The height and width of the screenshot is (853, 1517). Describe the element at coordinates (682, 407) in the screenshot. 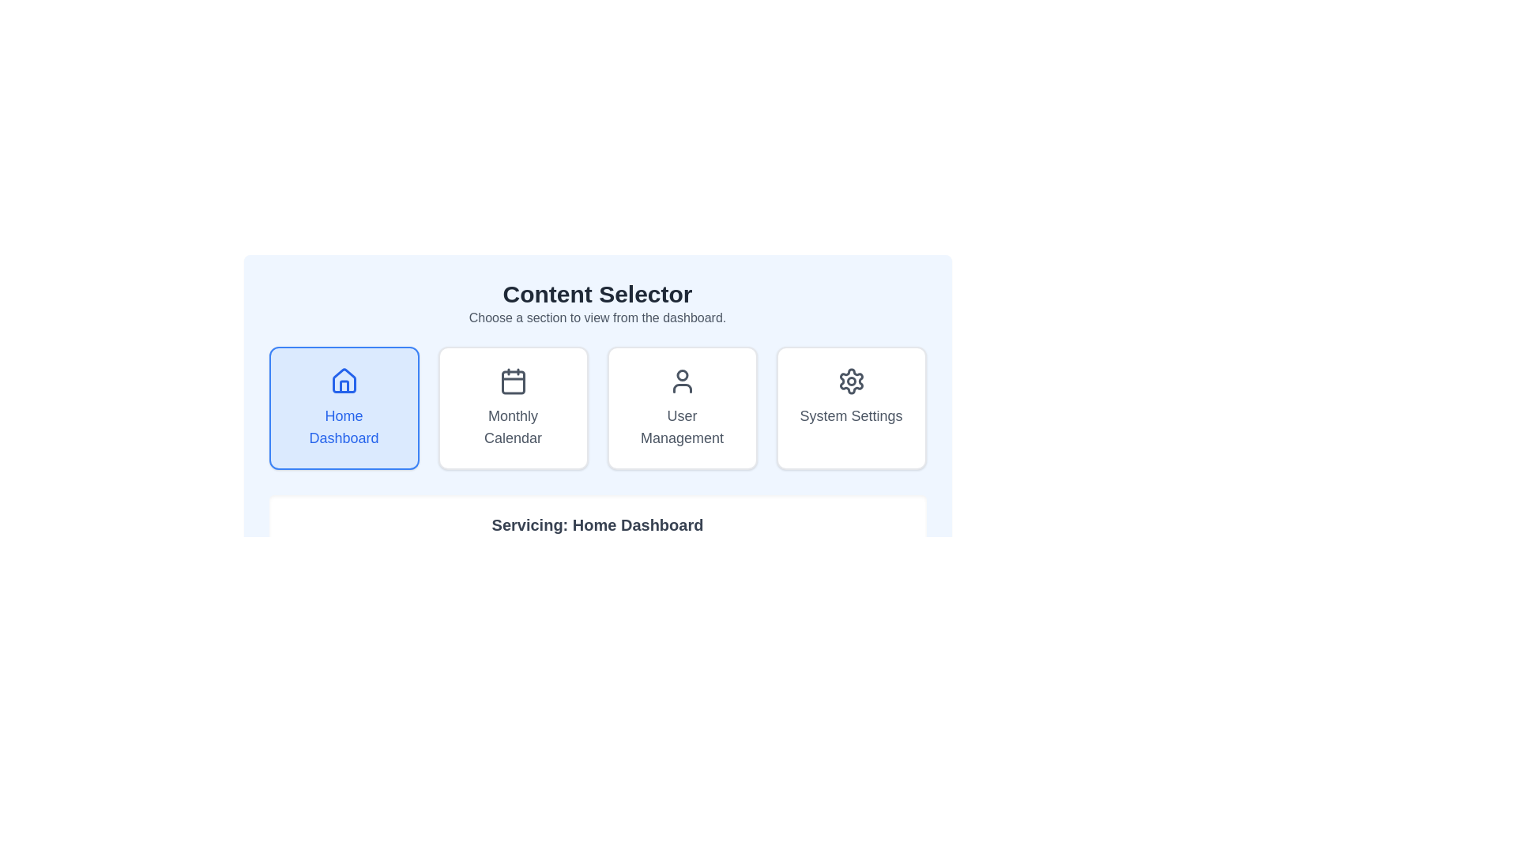

I see `the 'User Management' button, which is a rectangular card with a white background, an outlined user icon above the text 'User Management' in gray` at that location.